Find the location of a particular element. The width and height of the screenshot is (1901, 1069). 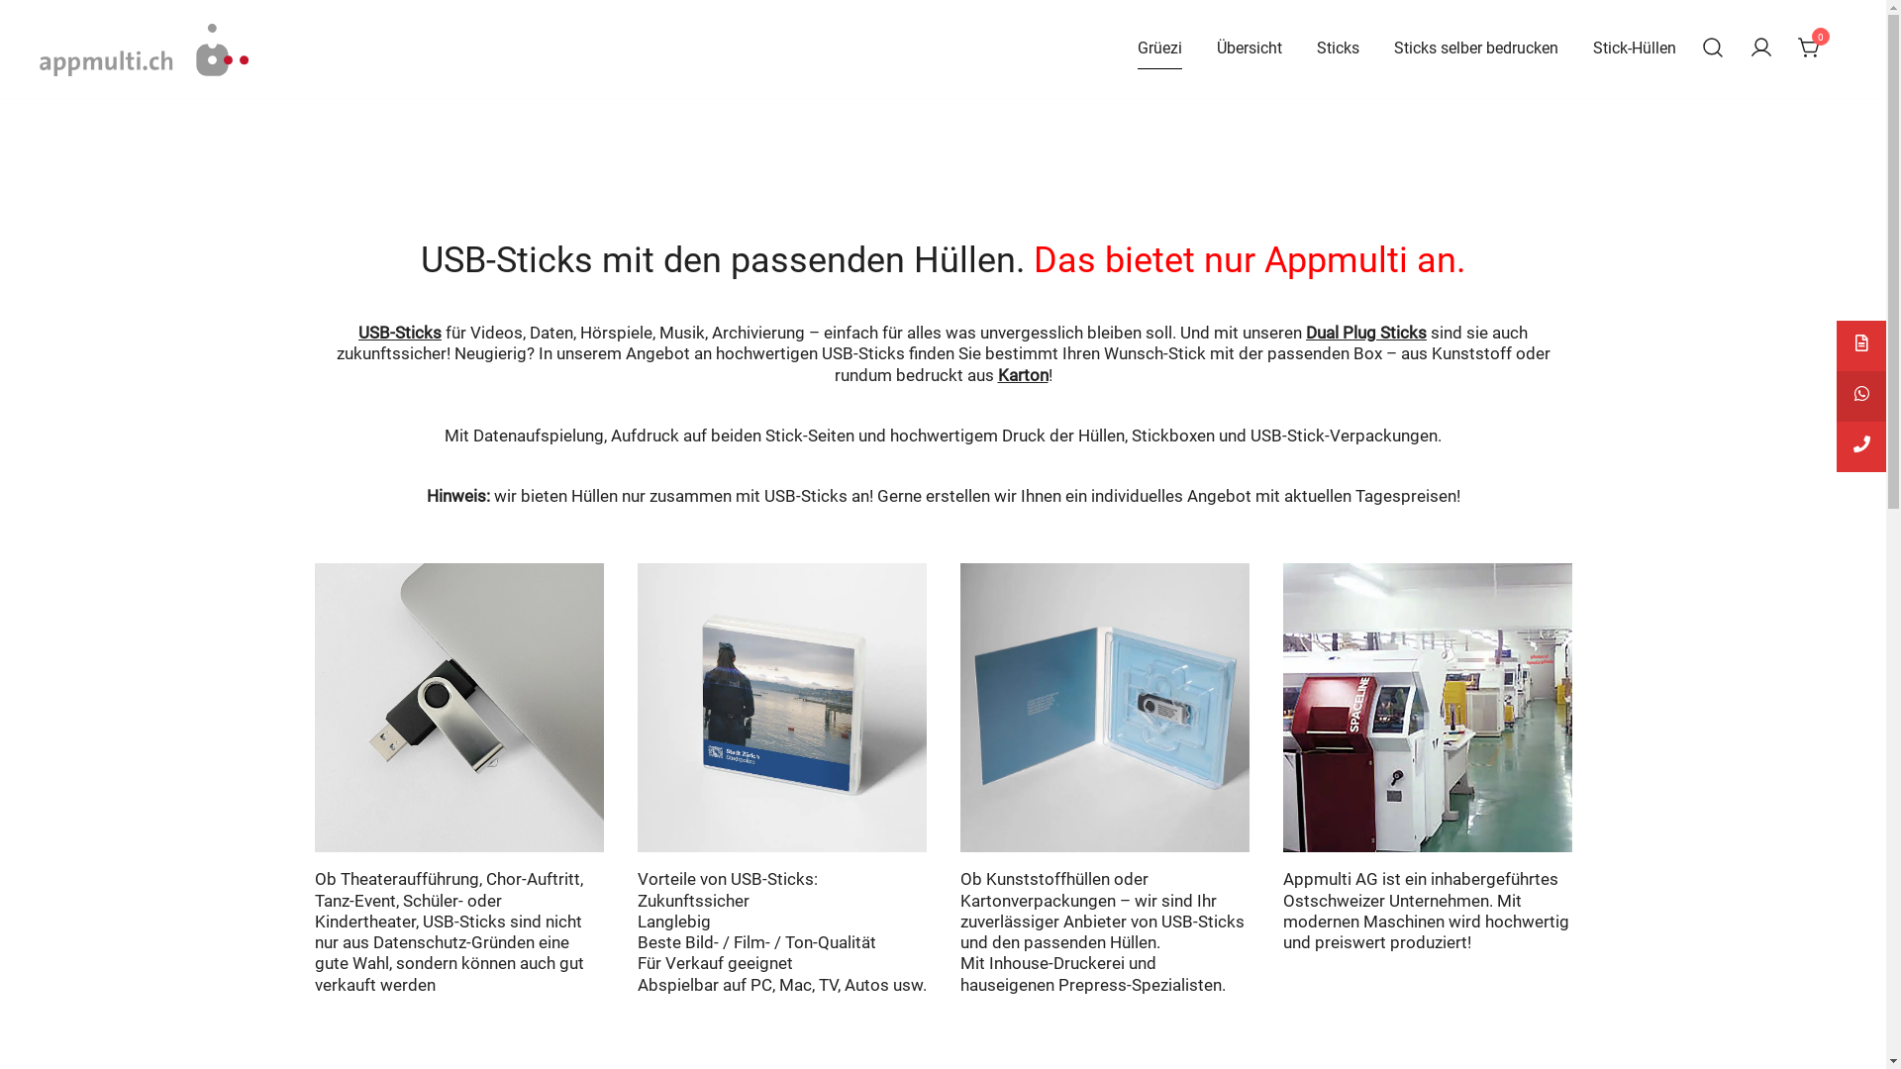

'USB-Sticks' is located at coordinates (398, 331).